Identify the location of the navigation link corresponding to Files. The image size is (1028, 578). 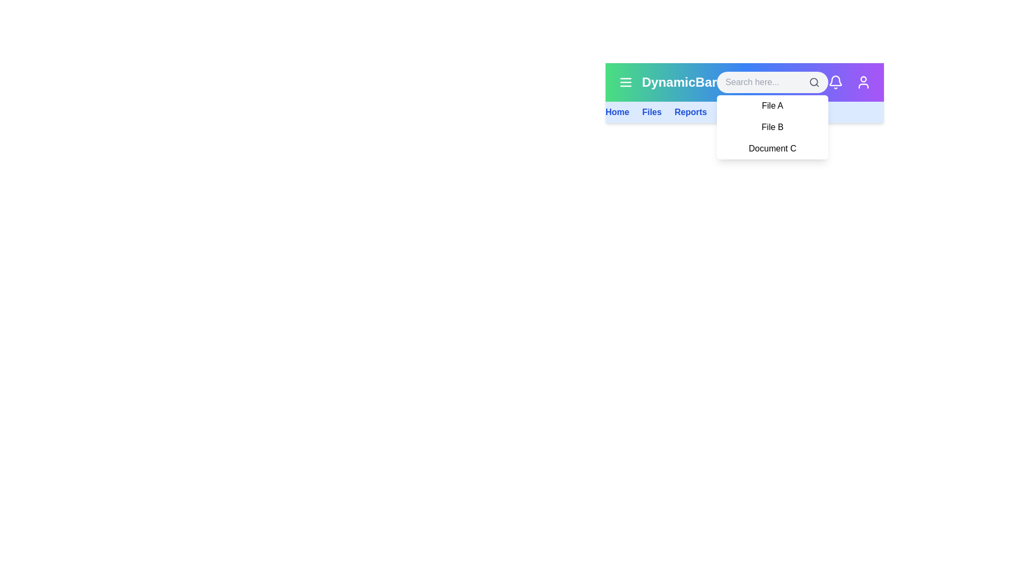
(651, 112).